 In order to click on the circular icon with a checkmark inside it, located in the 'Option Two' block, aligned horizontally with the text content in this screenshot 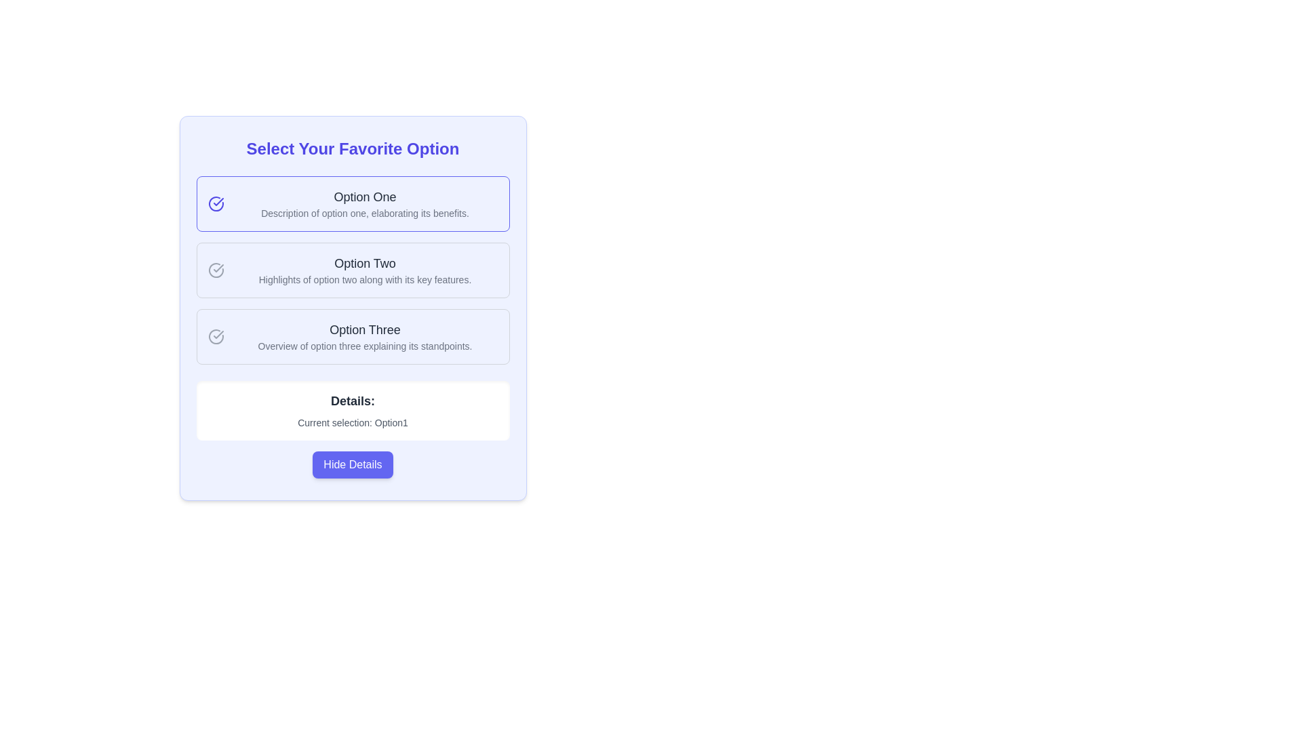, I will do `click(215, 270)`.